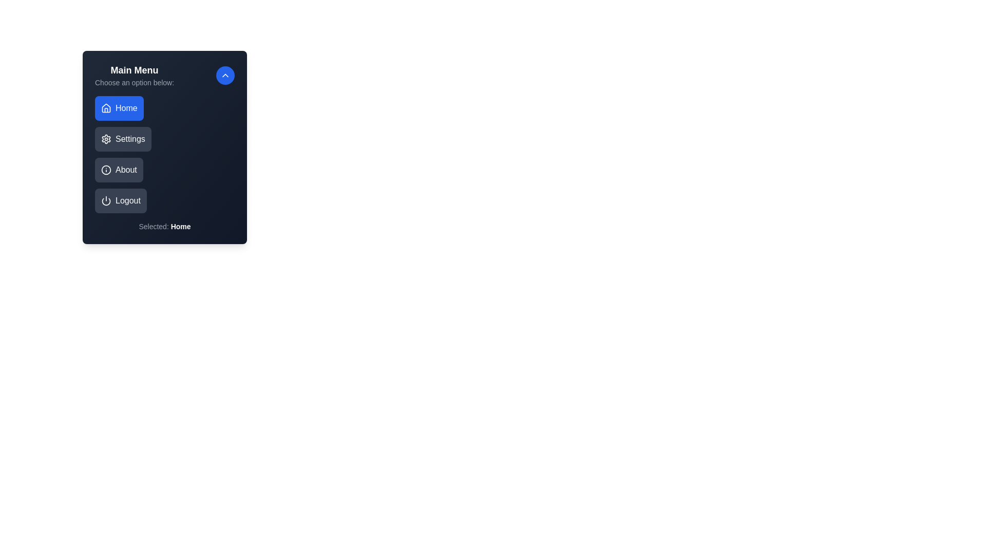  What do you see at coordinates (106, 200) in the screenshot?
I see `the Logout icon (SVG) located to the left of the 'Logout' text at the bottom of the menu list` at bounding box center [106, 200].